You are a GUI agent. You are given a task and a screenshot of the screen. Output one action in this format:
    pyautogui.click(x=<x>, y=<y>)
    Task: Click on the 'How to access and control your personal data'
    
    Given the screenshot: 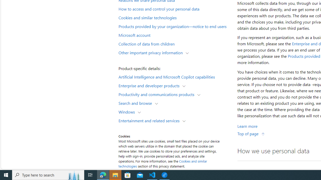 What is the action you would take?
    pyautogui.click(x=175, y=9)
    